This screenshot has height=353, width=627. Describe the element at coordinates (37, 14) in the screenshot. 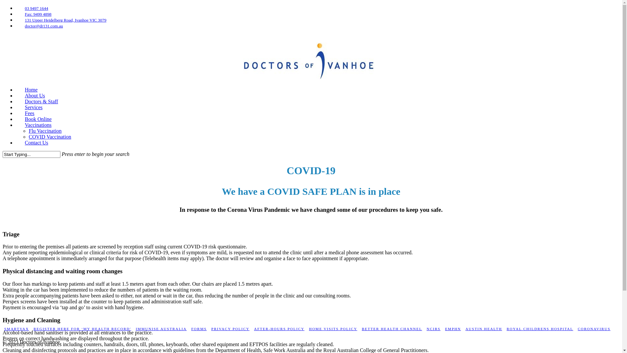

I see `'Fax: 9499 4898'` at that location.